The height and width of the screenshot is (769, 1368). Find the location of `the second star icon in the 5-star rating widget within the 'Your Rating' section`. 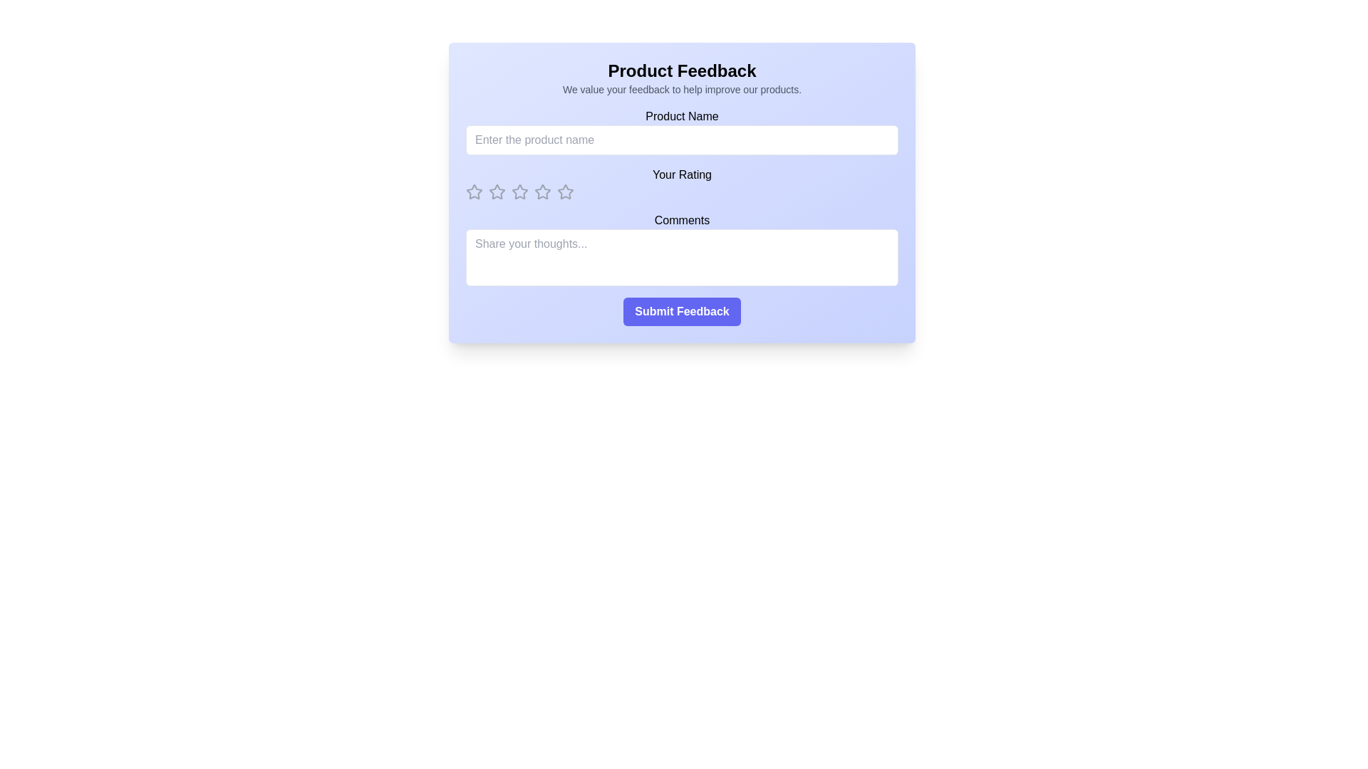

the second star icon in the 5-star rating widget within the 'Your Rating' section is located at coordinates (564, 191).